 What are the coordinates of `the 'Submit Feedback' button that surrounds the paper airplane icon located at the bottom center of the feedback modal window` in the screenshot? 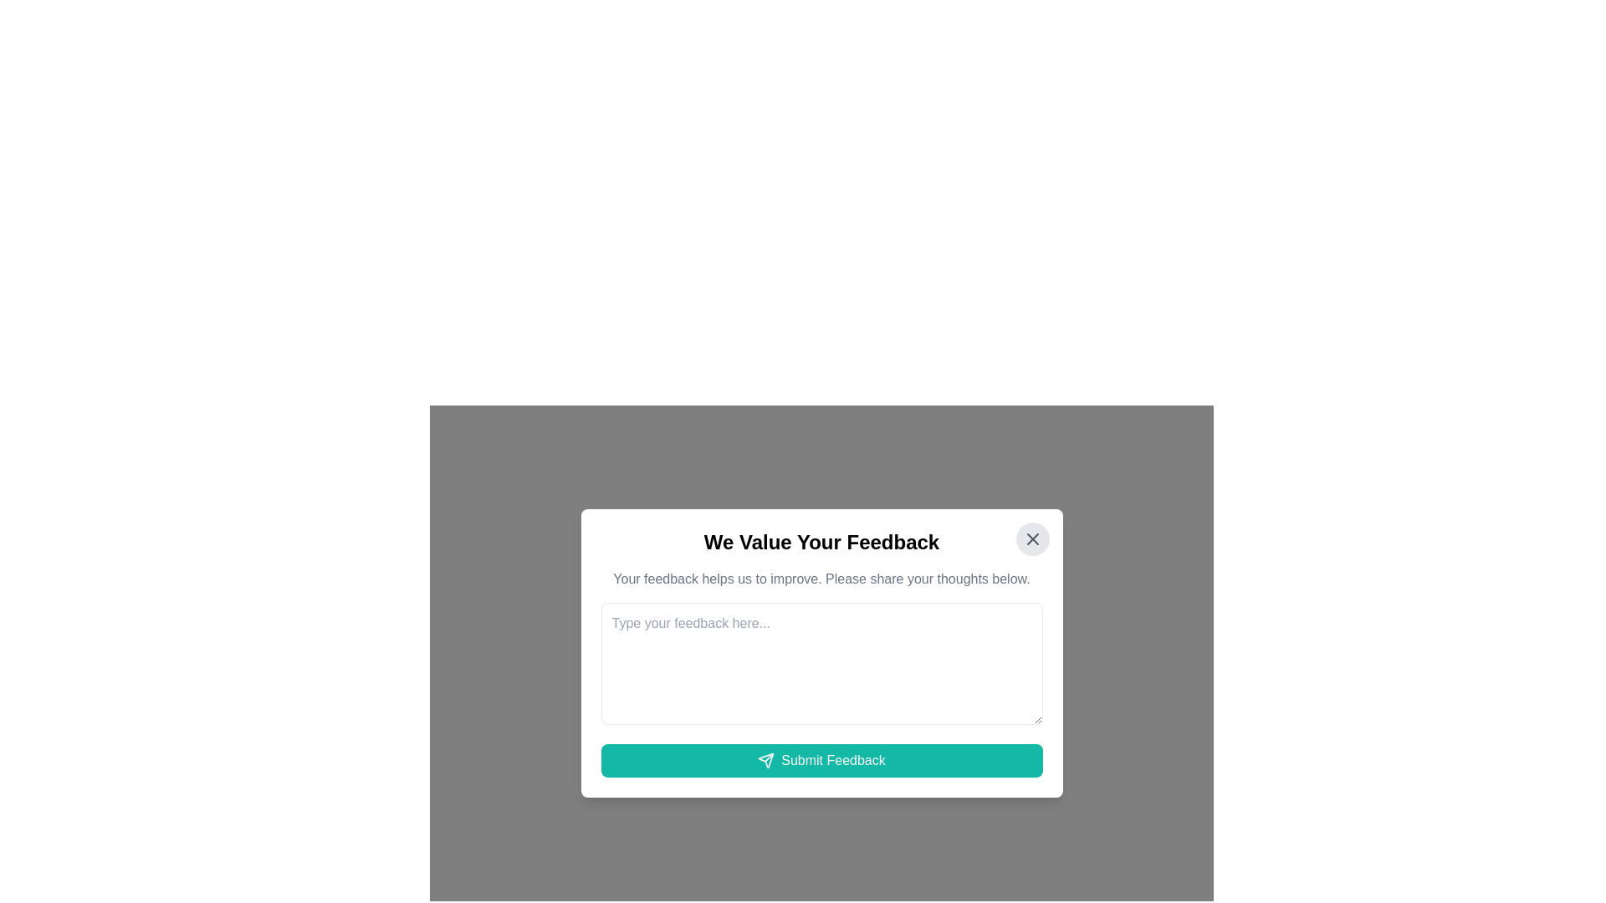 It's located at (765, 761).